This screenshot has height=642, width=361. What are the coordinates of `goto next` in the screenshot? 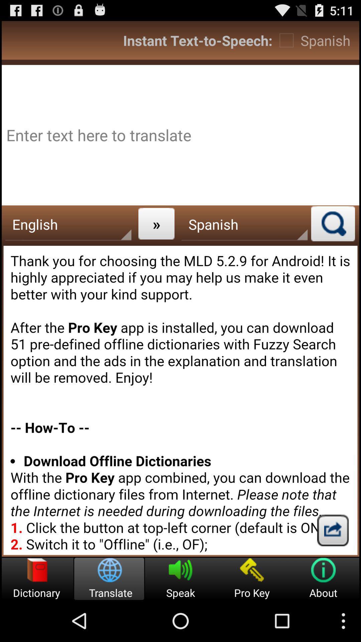 It's located at (333, 530).